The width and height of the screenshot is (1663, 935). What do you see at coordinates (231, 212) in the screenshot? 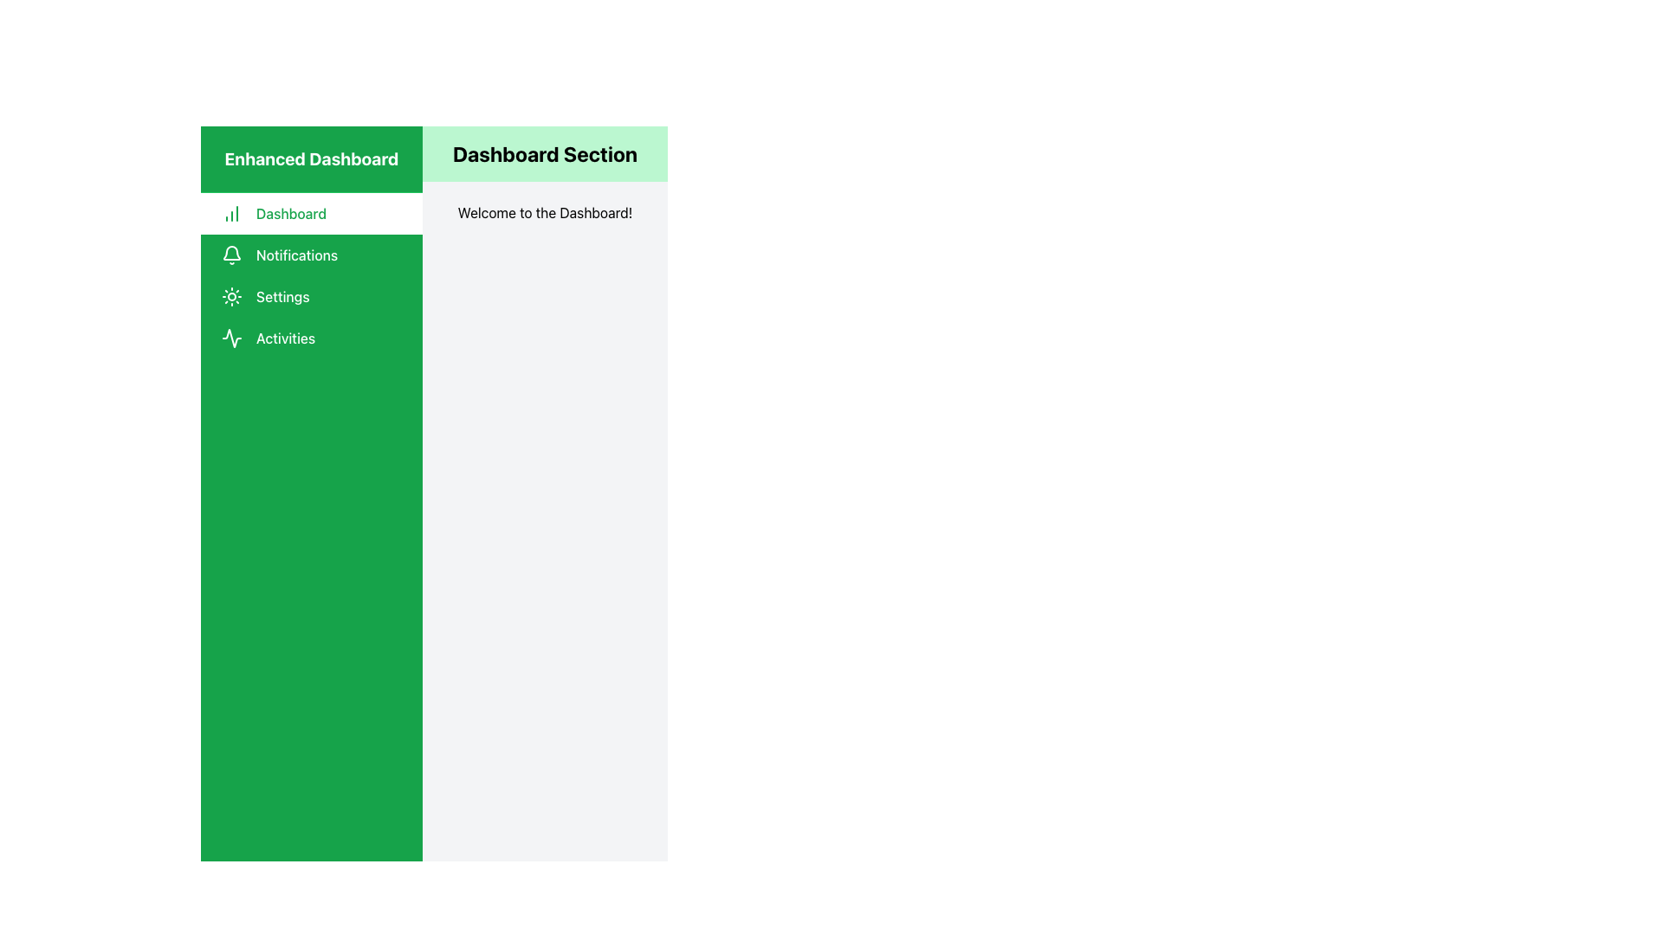
I see `the chart icon outlined in green located to the left of the 'Dashboard' text label in the sidebar menu` at bounding box center [231, 212].